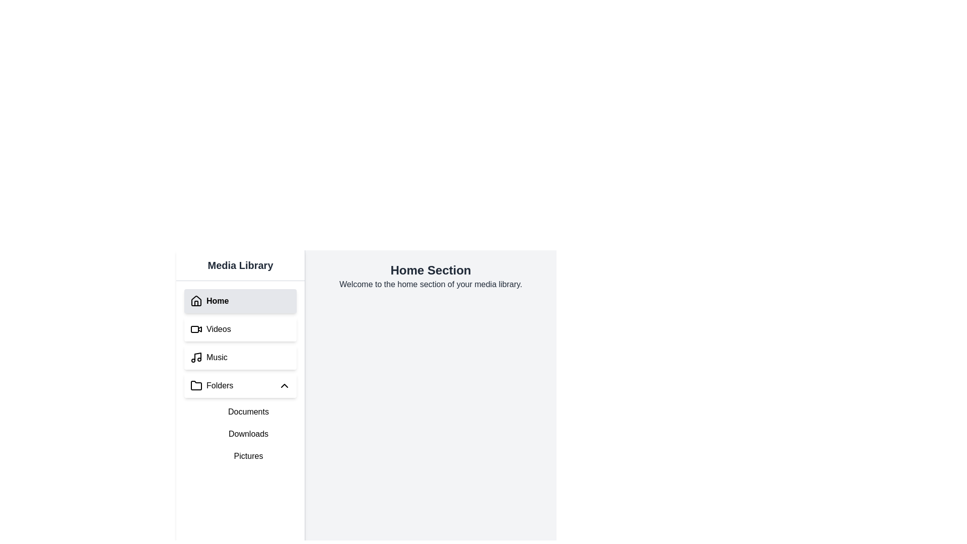 The width and height of the screenshot is (967, 544). I want to click on the Navigation button labeled 'Folders', so click(211, 385).